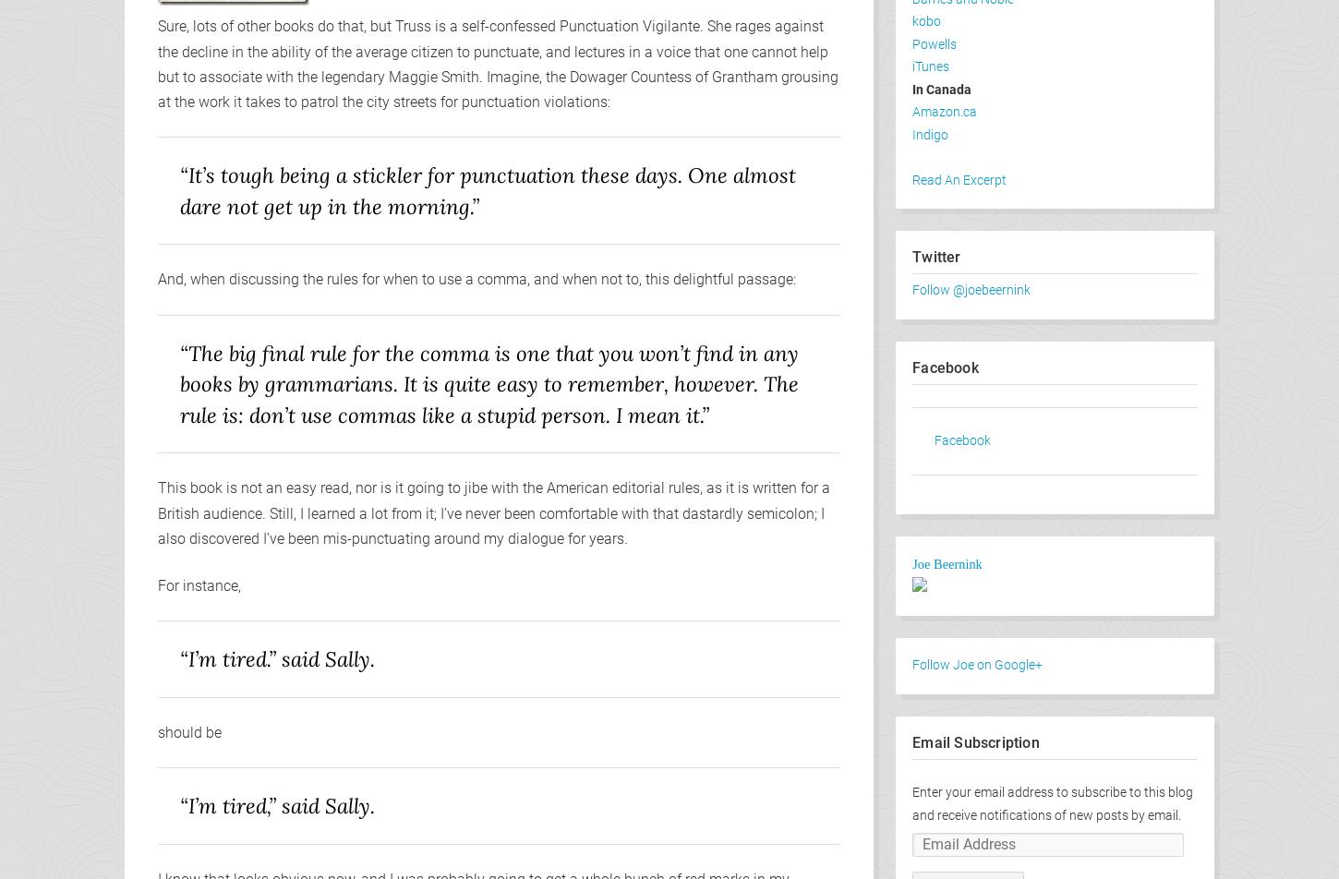 This screenshot has height=879, width=1339. I want to click on 'Indigo', so click(930, 134).